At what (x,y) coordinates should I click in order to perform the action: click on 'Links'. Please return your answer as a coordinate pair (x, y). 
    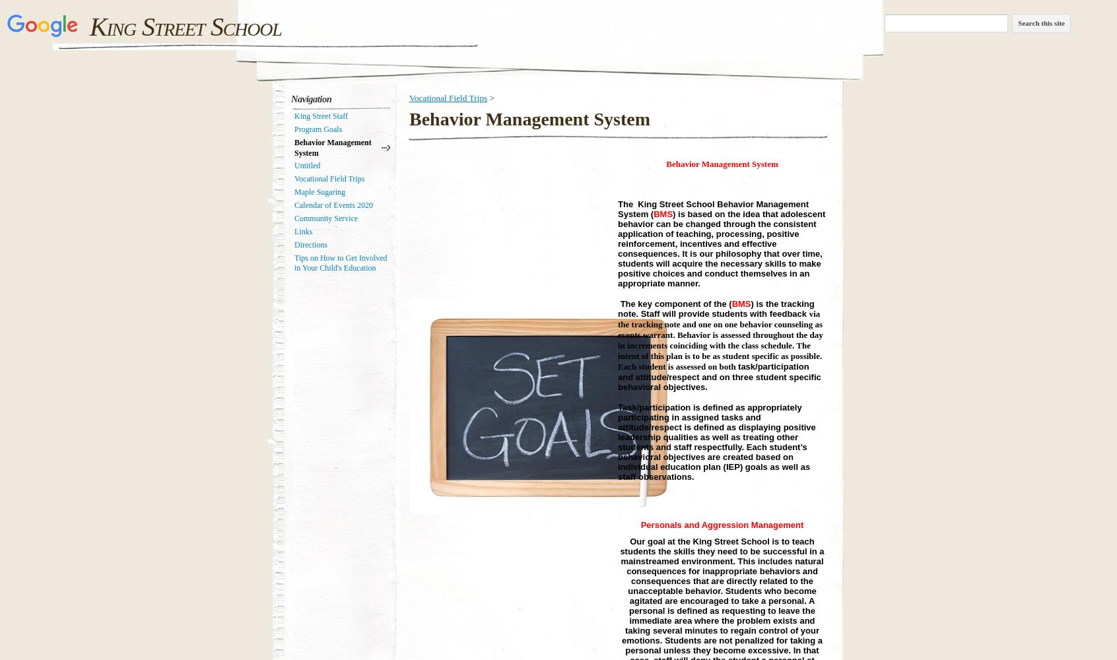
    Looking at the image, I should click on (302, 230).